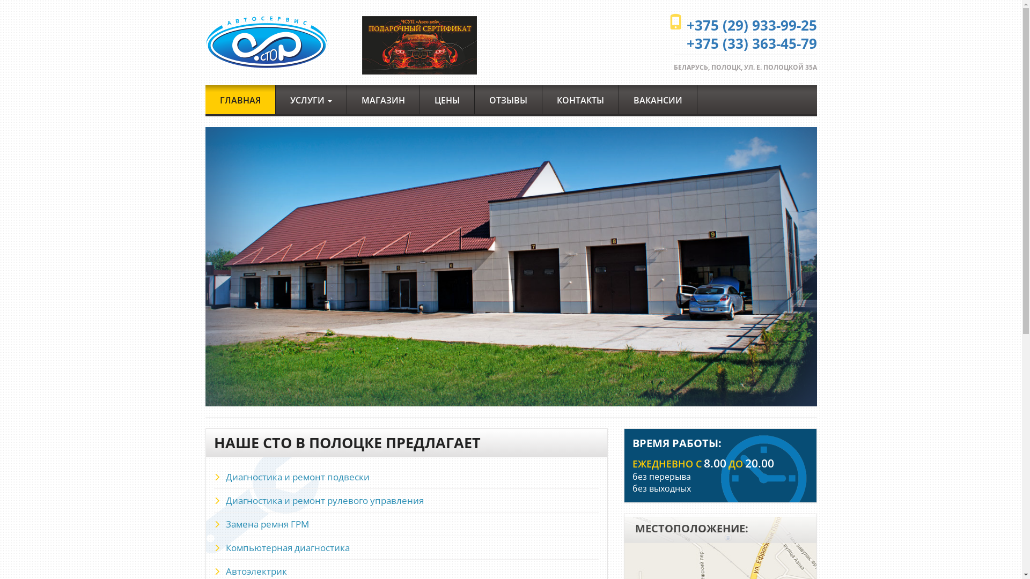  What do you see at coordinates (751, 43) in the screenshot?
I see `'+375 (33) 363-45-79'` at bounding box center [751, 43].